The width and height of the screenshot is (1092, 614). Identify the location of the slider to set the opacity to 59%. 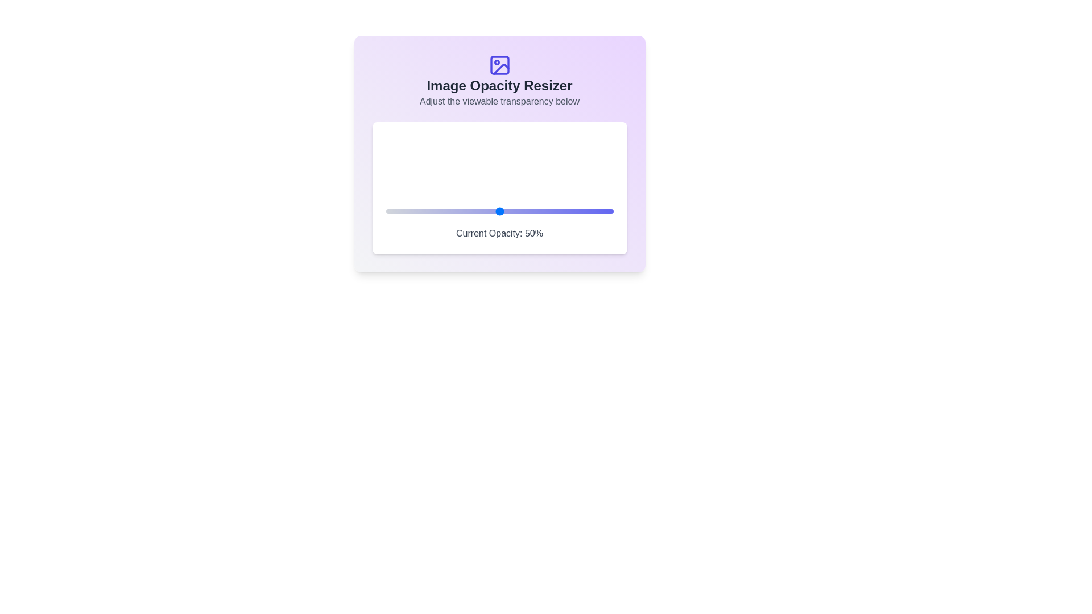
(519, 211).